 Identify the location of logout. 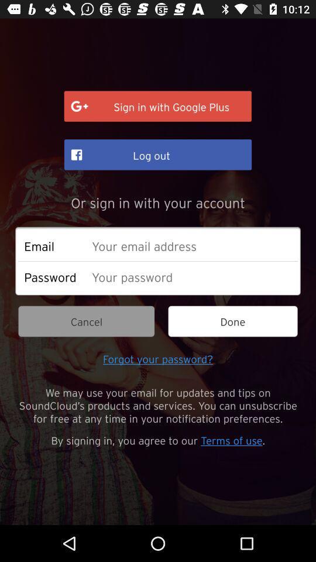
(158, 154).